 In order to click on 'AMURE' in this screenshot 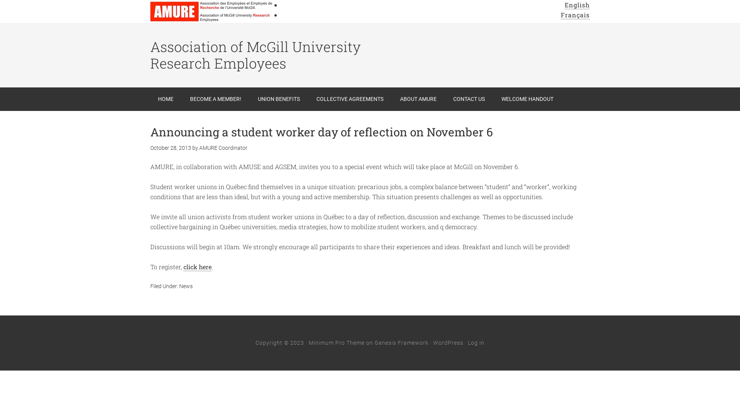, I will do `click(212, 12)`.